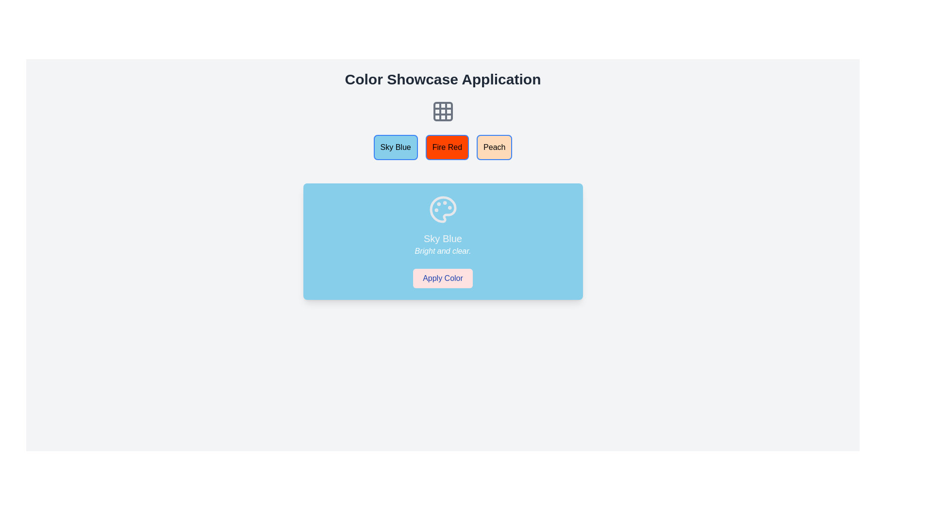 The width and height of the screenshot is (932, 524). Describe the element at coordinates (442, 209) in the screenshot. I see `the paint palette SVG graphic icon located in the center of a light blue card, which is positioned below a set of color buttons in the application interface` at that location.